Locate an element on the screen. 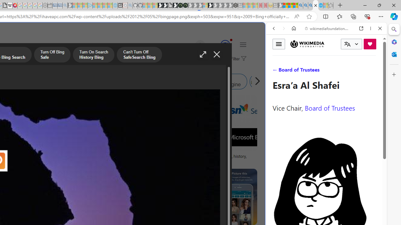 Image resolution: width=401 pixels, height=225 pixels. 'Future Focus Report 2024' is located at coordinates (185, 5).